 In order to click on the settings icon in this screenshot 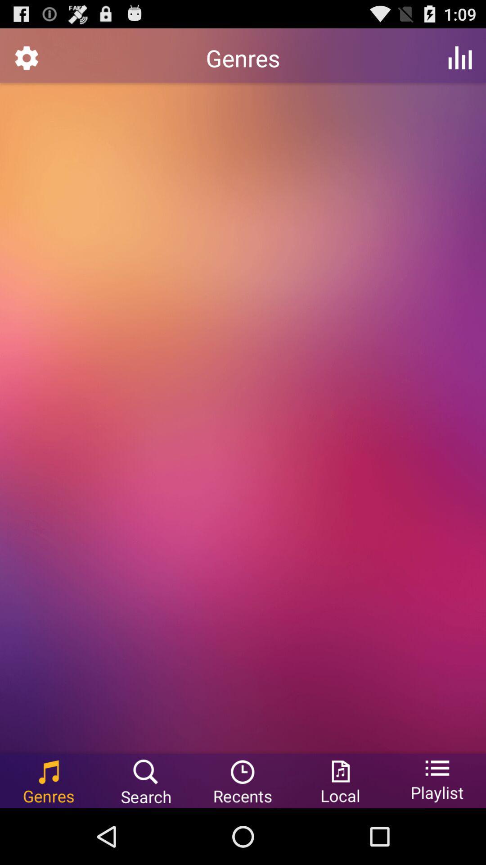, I will do `click(26, 61)`.